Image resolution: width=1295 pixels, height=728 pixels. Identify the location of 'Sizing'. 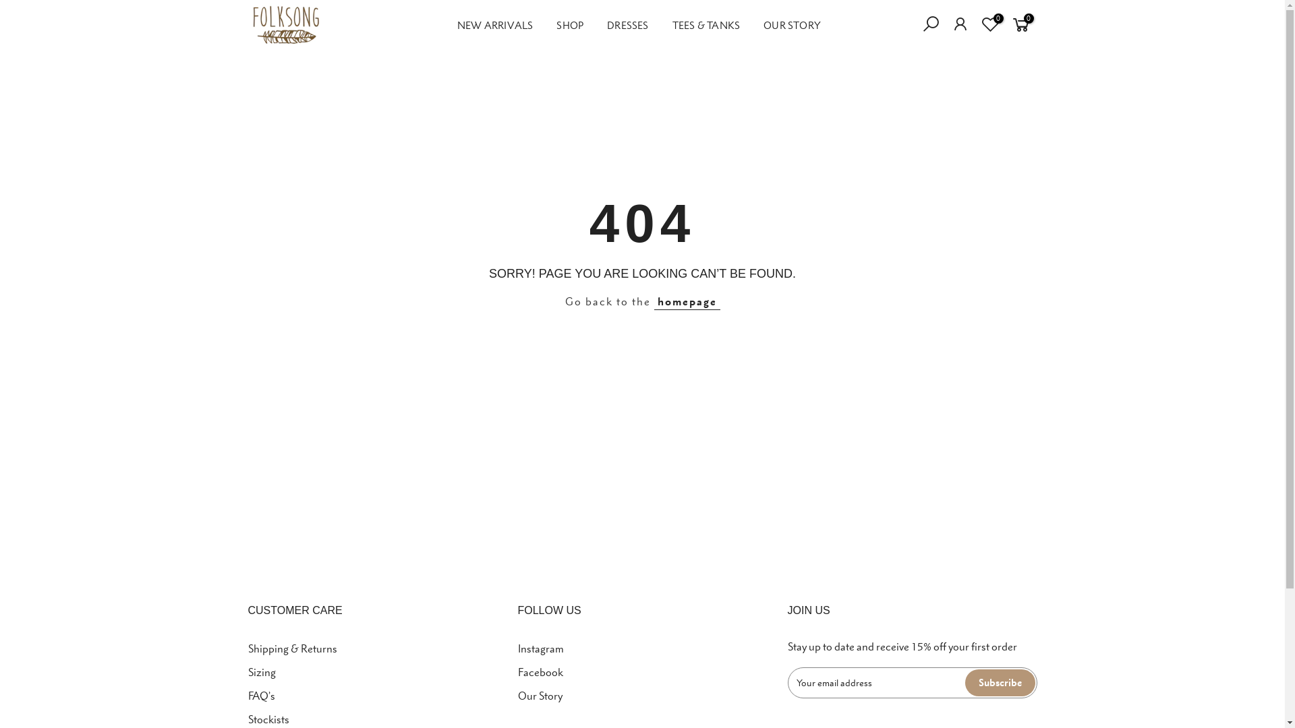
(262, 671).